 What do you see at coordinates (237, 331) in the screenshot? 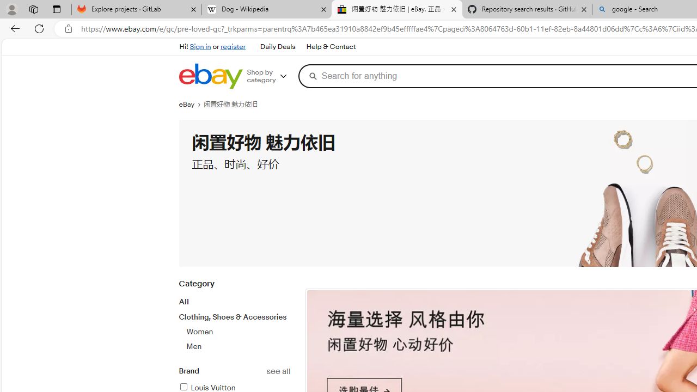
I see `'Women'` at bounding box center [237, 331].